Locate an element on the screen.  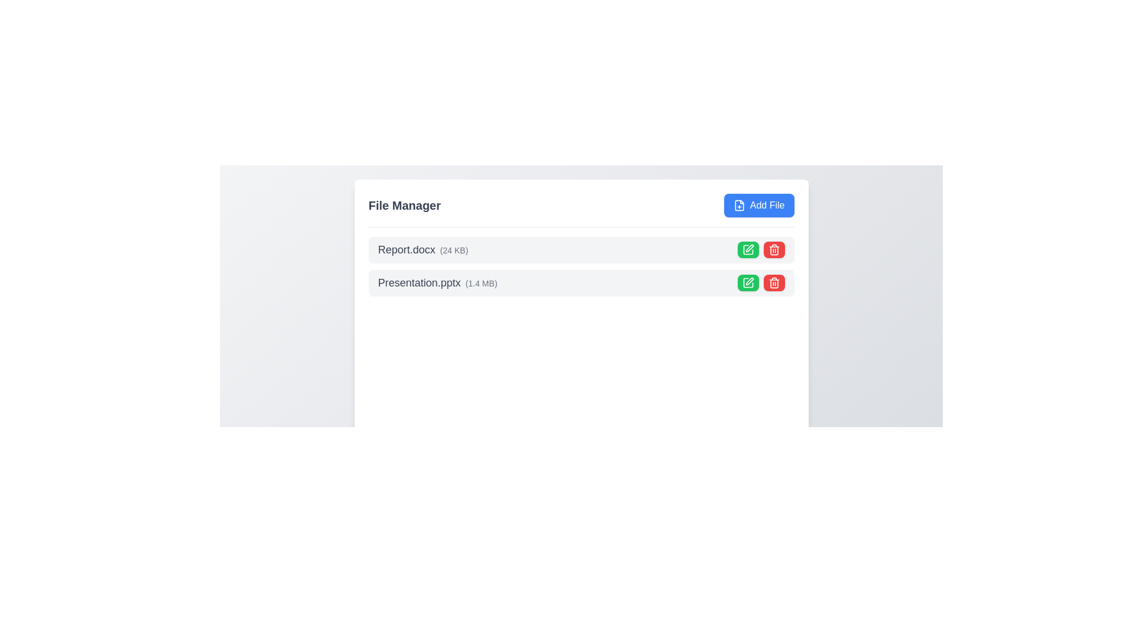
the text label indicating the file name 'Presentation.pptx' in the second file entry of the file manager interface is located at coordinates (419, 282).